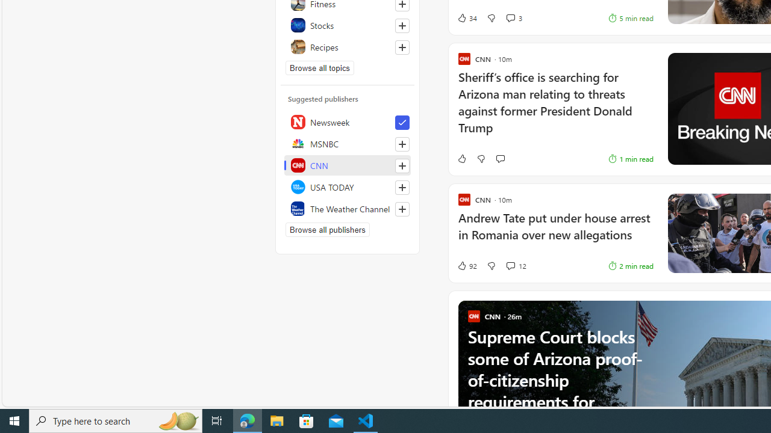  Describe the element at coordinates (328, 229) in the screenshot. I see `'Browse all publishers'` at that location.